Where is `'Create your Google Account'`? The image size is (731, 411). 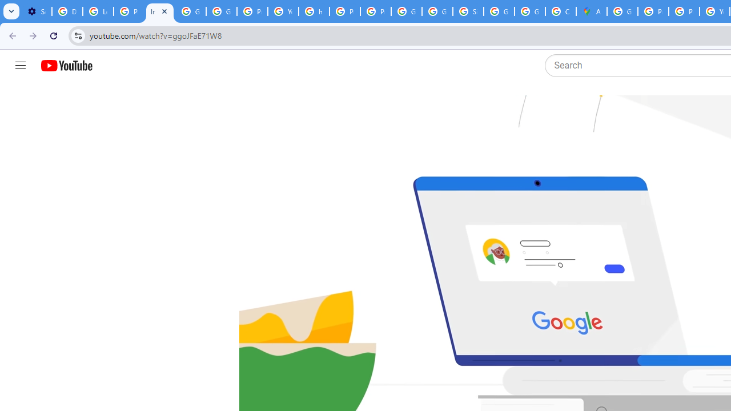
'Create your Google Account' is located at coordinates (560, 11).